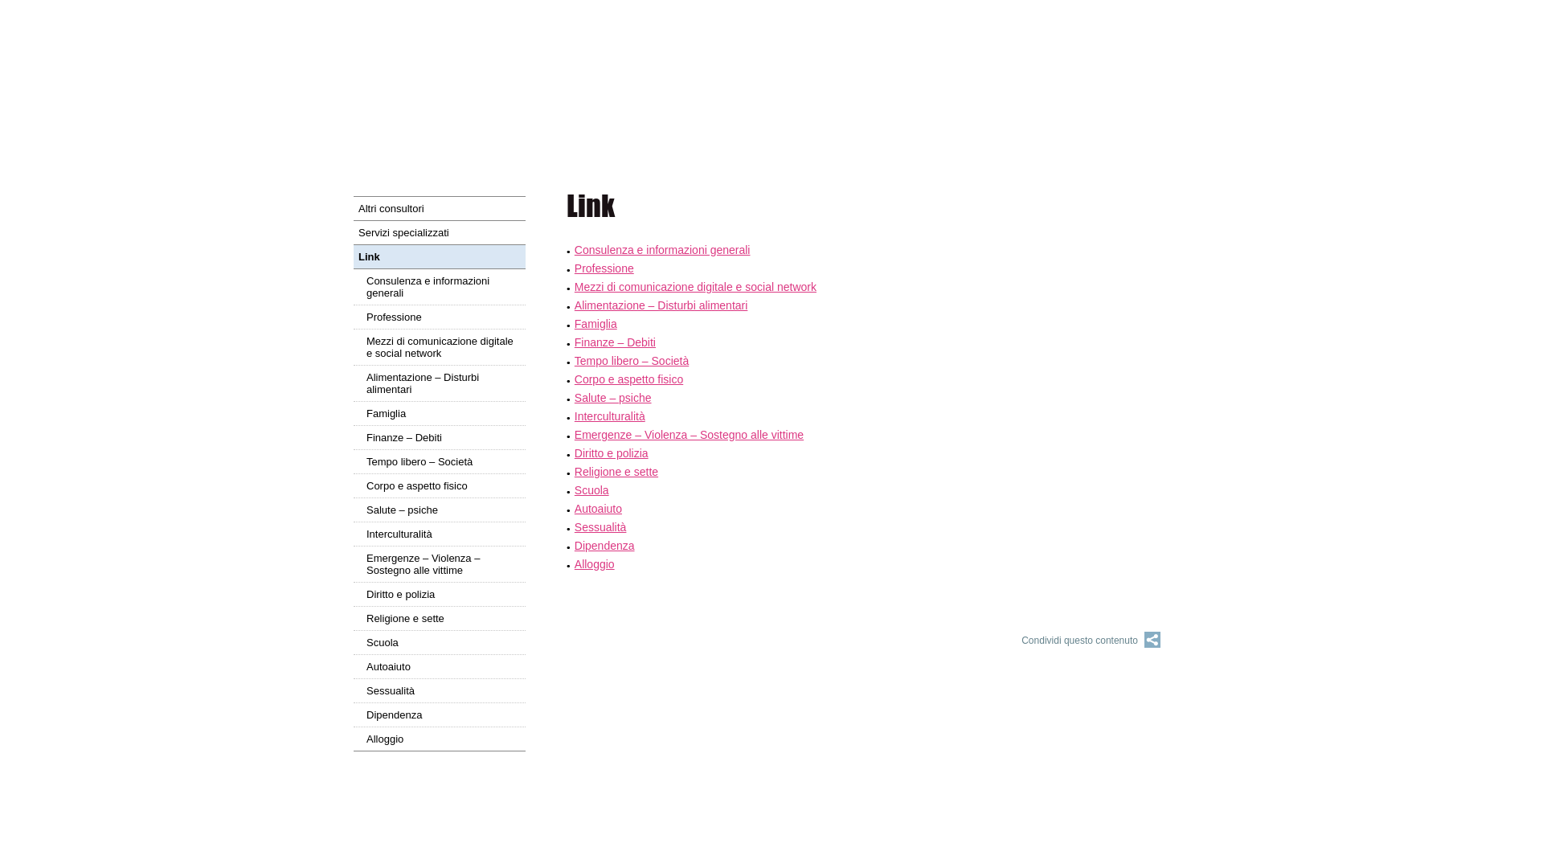  I want to click on 'Autoaiuto', so click(440, 666).